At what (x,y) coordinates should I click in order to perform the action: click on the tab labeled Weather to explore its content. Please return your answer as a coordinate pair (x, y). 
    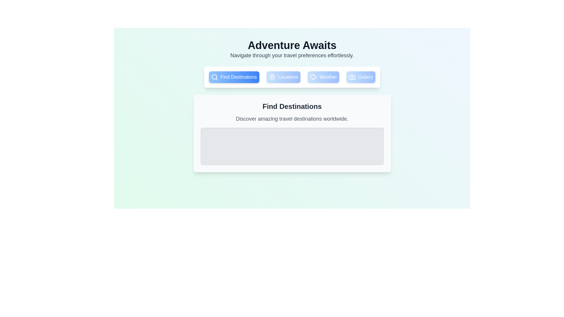
    Looking at the image, I should click on (323, 77).